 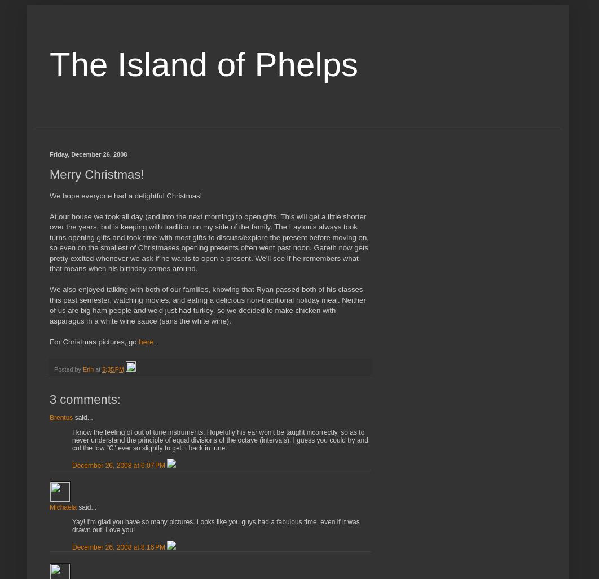 I want to click on 'I know the feeling of out of tune instruments. Hopefully his ear won't be taught incorrectly, so as to never understand the principle of equal divisions of the octave (intervals). I guess you could try and cut the low "C" ever so slightly to get it back in tune.', so click(x=219, y=439).